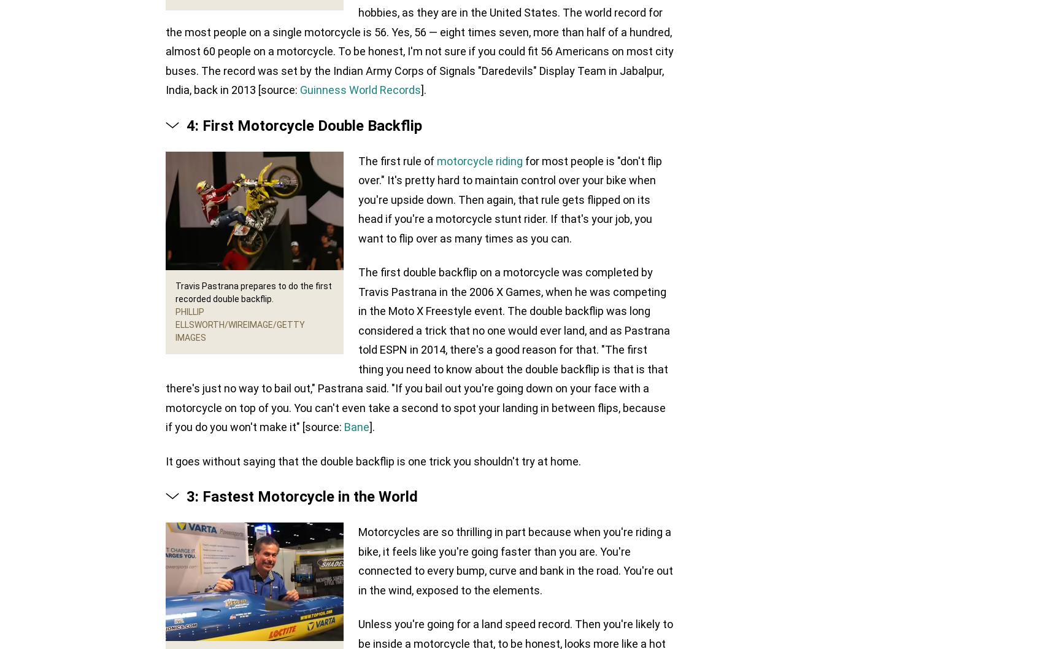 The width and height of the screenshot is (1048, 649). I want to click on 'Motorcycles are so thrilling in part because when you're riding a bike, it feels like you're going faster than you are. You're connected to every bump, curve and bank in the road. You're out in the wind, exposed to the elements.', so click(515, 561).